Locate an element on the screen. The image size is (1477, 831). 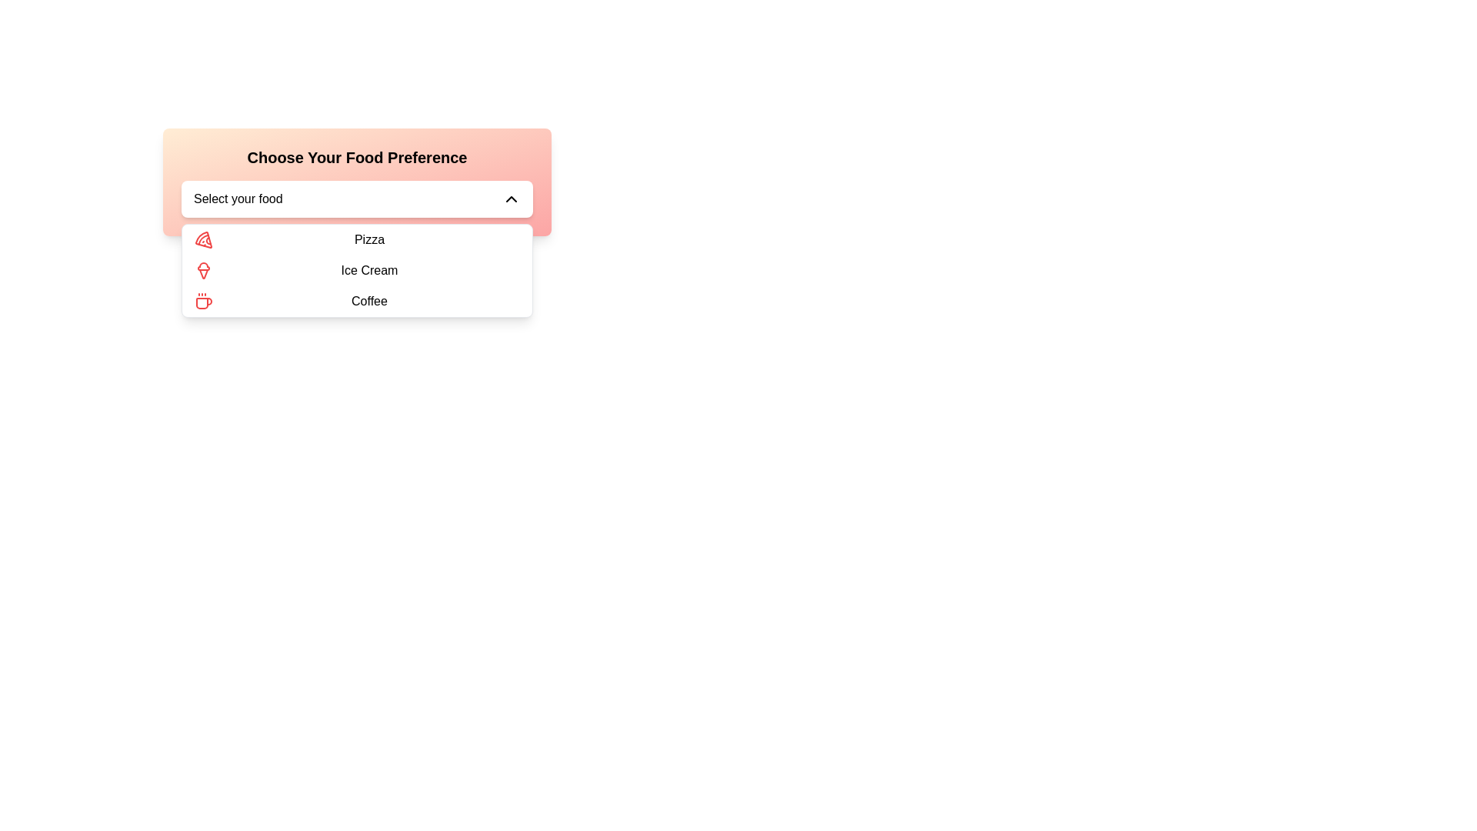
the text label containing the word 'Coffee' at the bottom of the dropdown menu is located at coordinates (369, 302).